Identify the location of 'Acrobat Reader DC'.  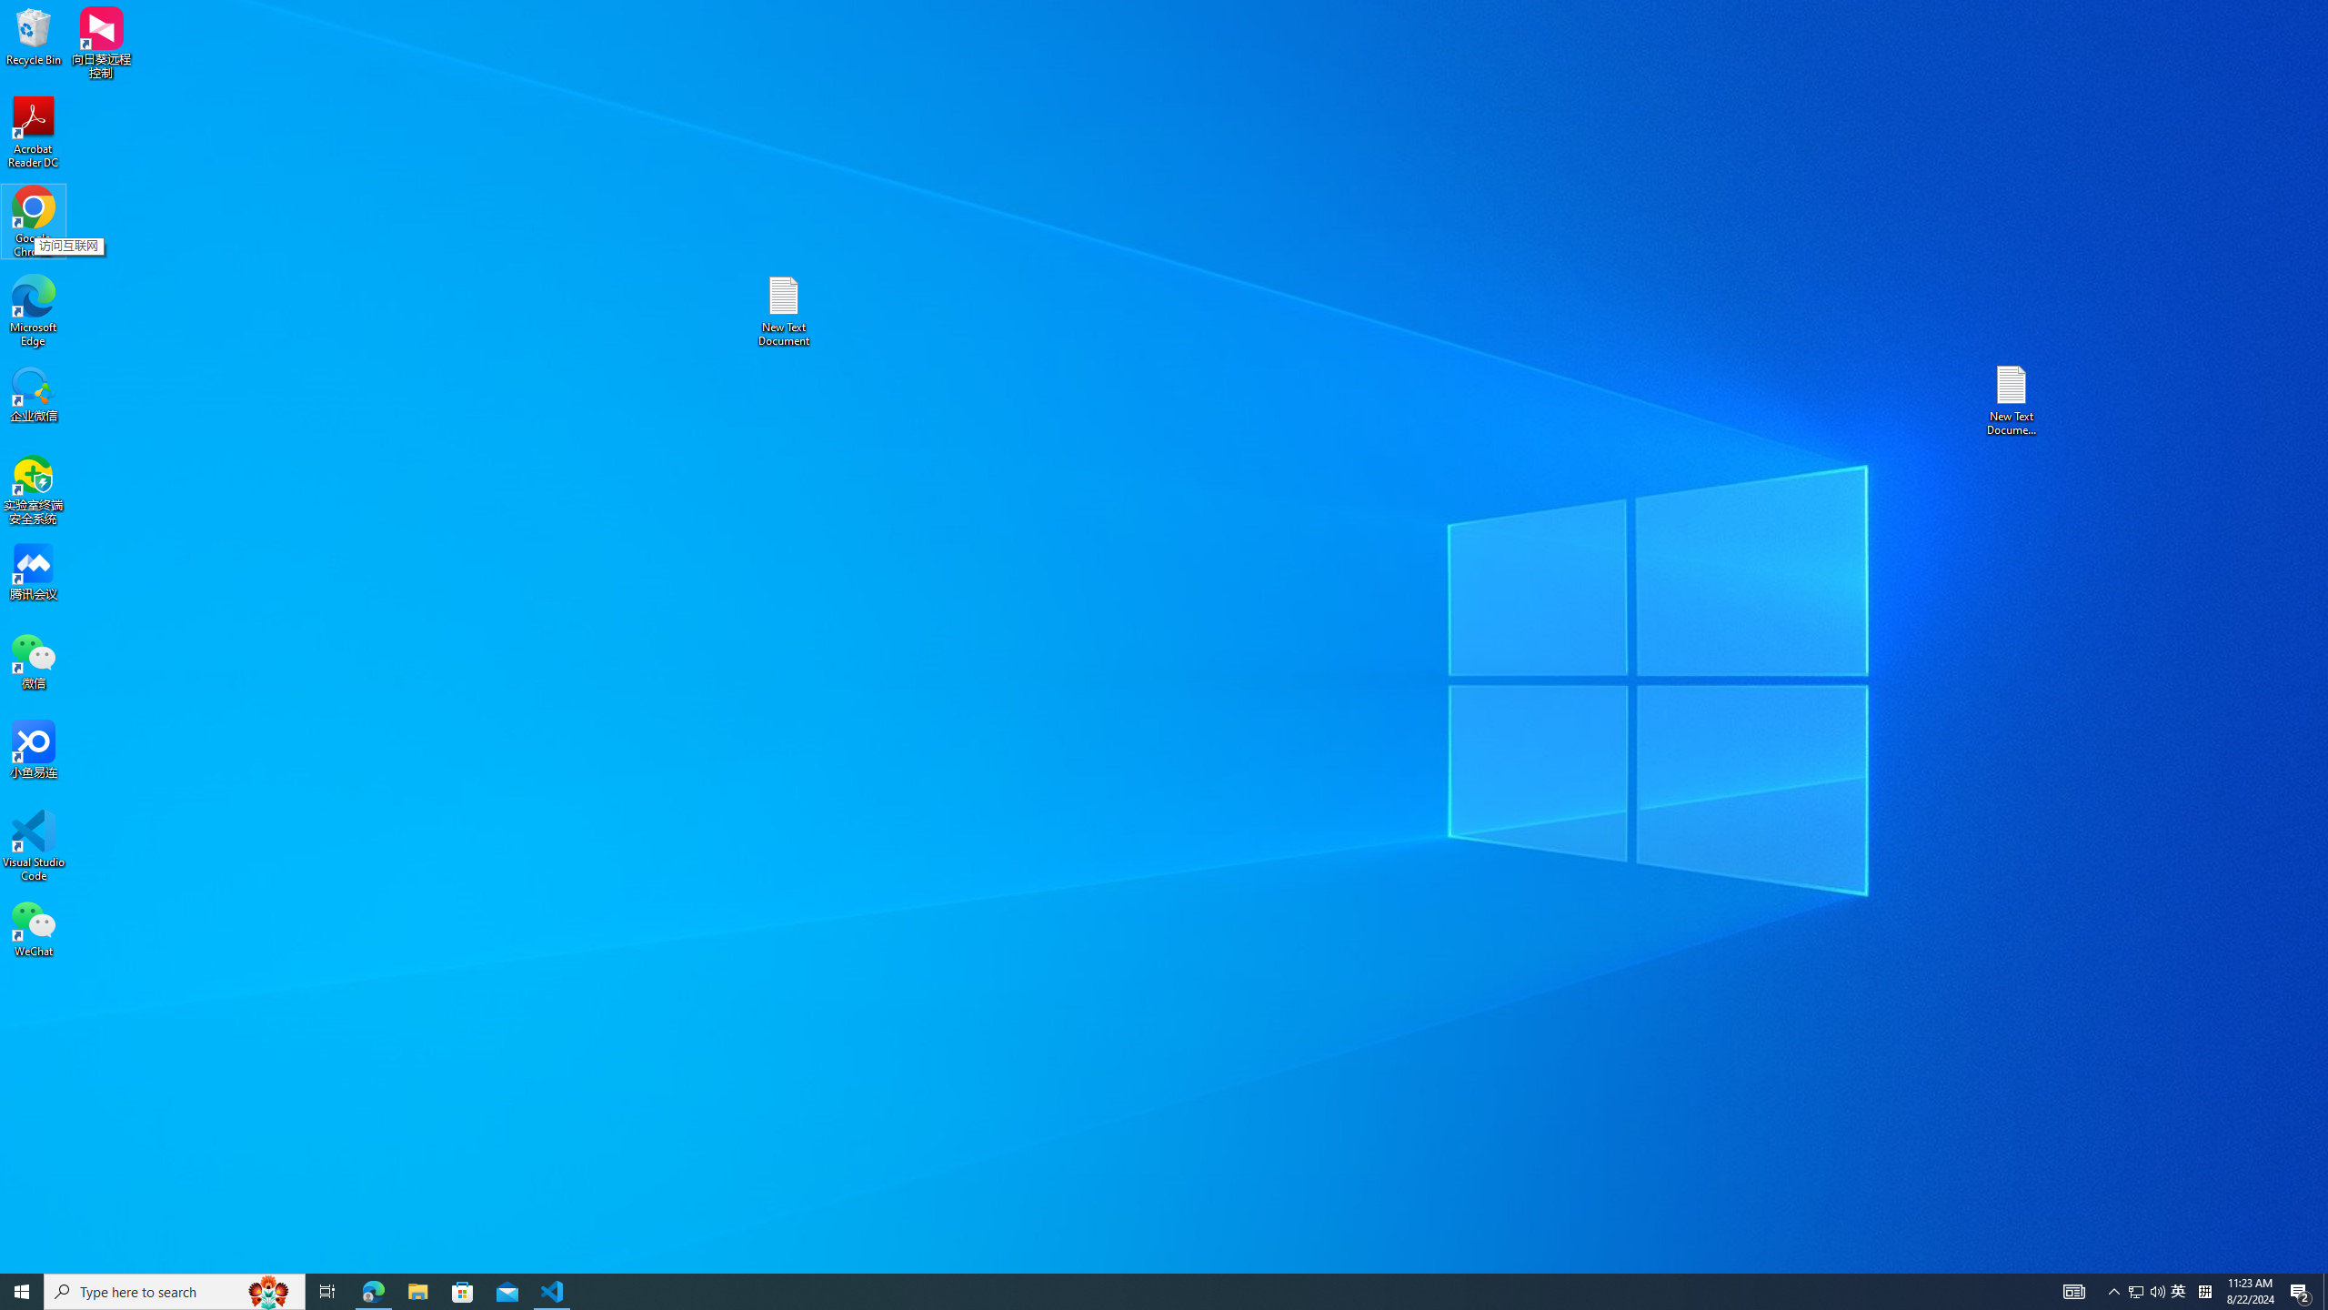
(33, 132).